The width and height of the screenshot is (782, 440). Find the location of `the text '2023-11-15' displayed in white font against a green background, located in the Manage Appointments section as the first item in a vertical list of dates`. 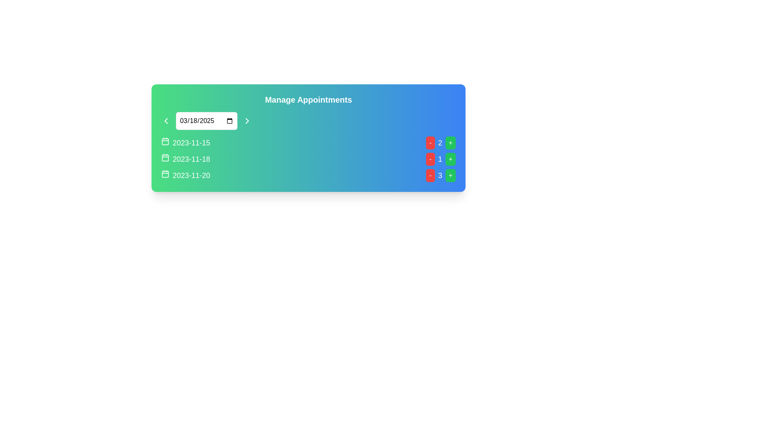

the text '2023-11-15' displayed in white font against a green background, located in the Manage Appointments section as the first item in a vertical list of dates is located at coordinates (185, 143).